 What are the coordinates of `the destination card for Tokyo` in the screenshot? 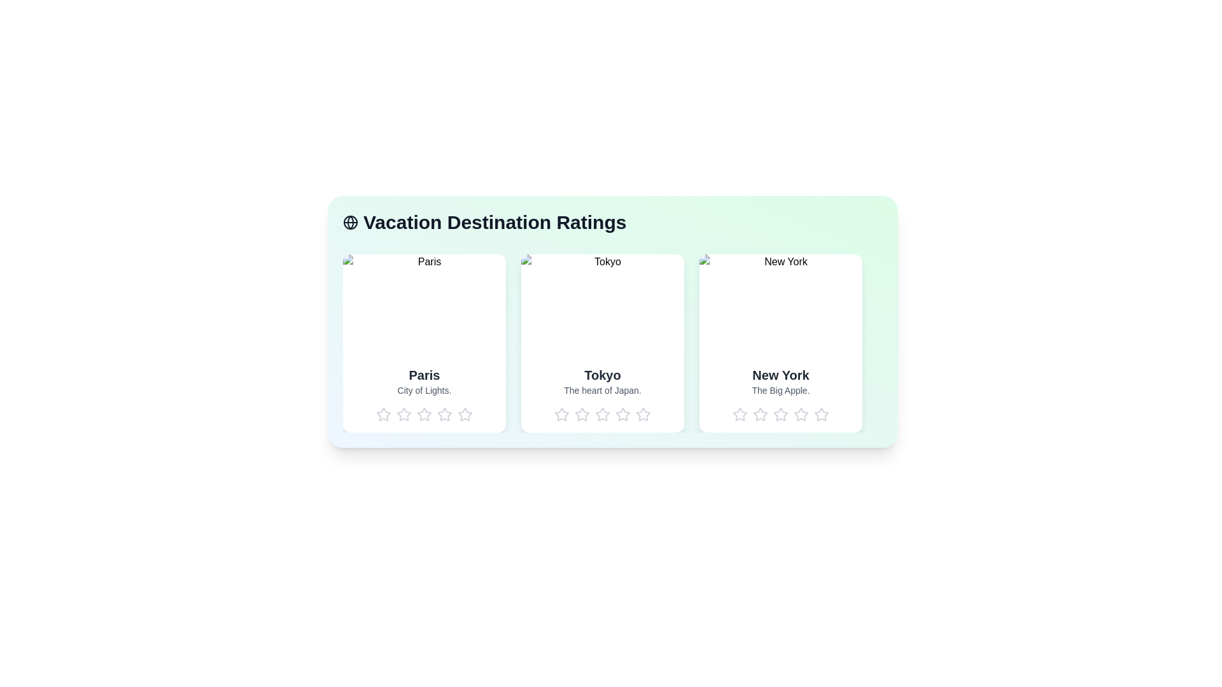 It's located at (601, 343).